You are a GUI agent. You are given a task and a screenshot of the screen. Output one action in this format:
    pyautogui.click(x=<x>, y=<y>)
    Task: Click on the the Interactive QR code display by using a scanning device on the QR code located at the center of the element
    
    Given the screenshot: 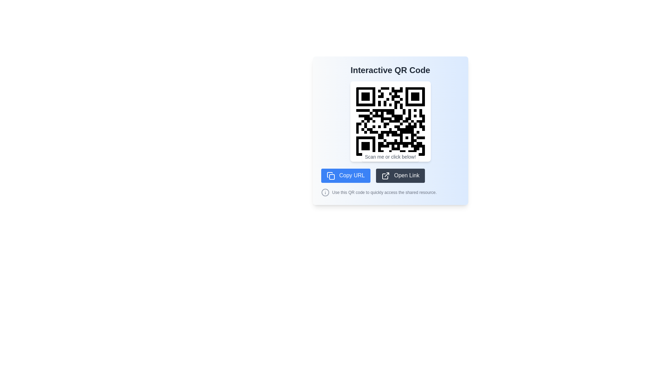 What is the action you would take?
    pyautogui.click(x=390, y=121)
    